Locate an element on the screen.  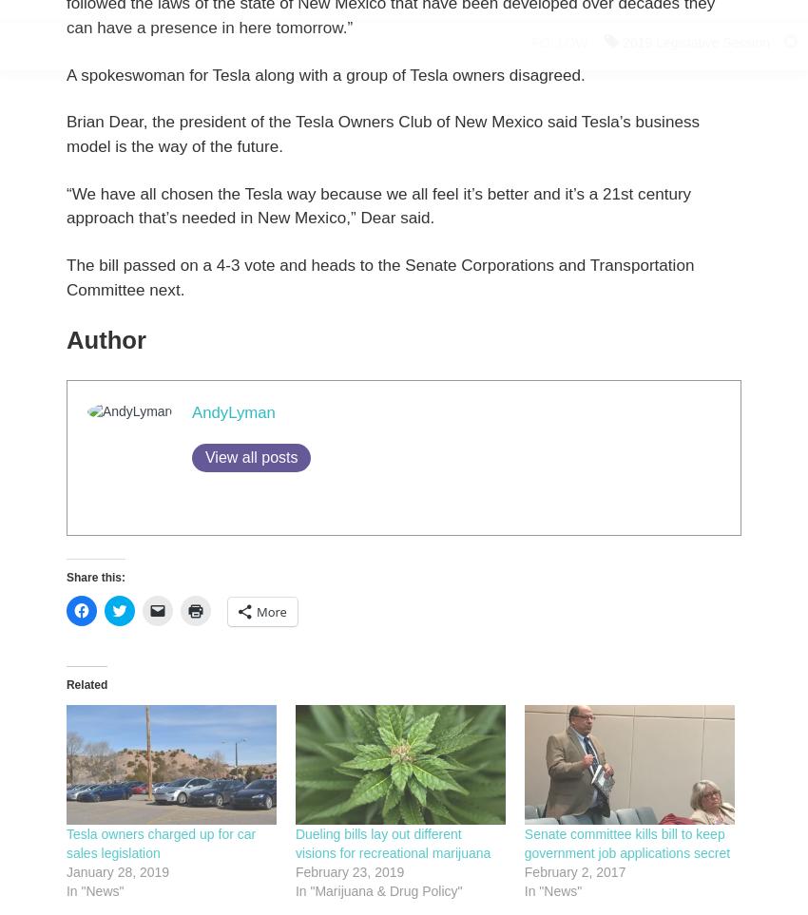
'The bill passed on a 4-3 vote and heads to the Senate Corporations and Transportation Committee next.' is located at coordinates (379, 276).